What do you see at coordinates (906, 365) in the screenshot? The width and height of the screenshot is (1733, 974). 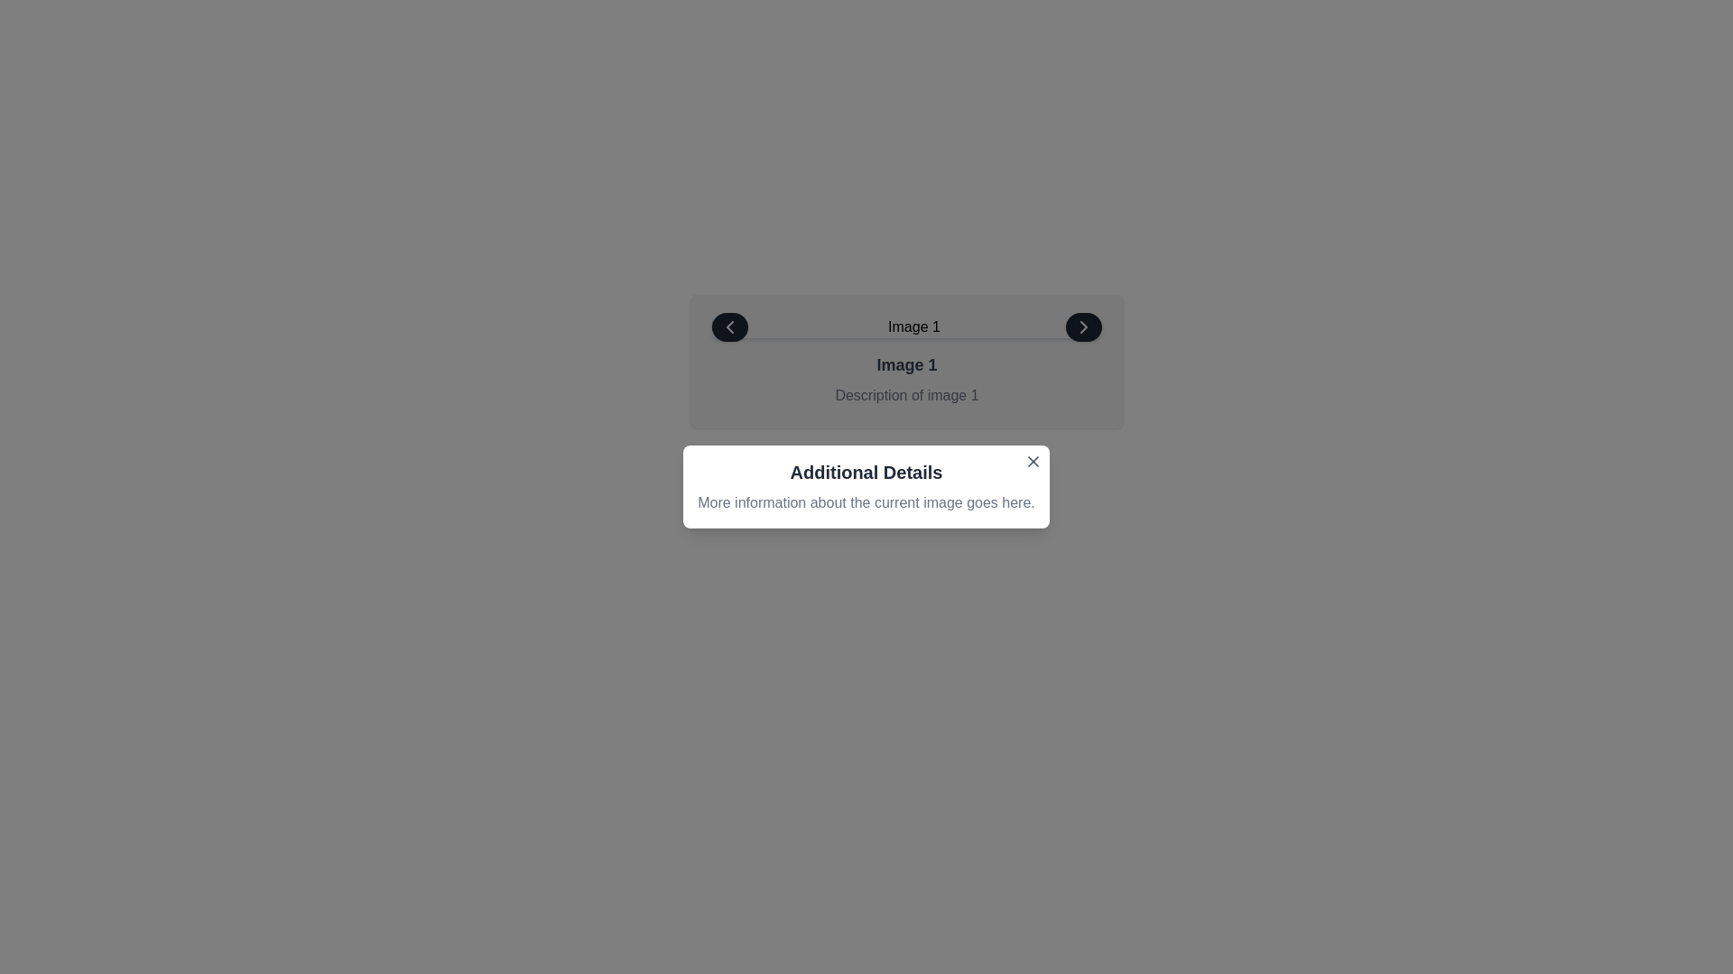 I see `the text label or heading element that reads 'Image 1', which is bold and dark gray, positioned centrally above the descriptive text` at bounding box center [906, 365].